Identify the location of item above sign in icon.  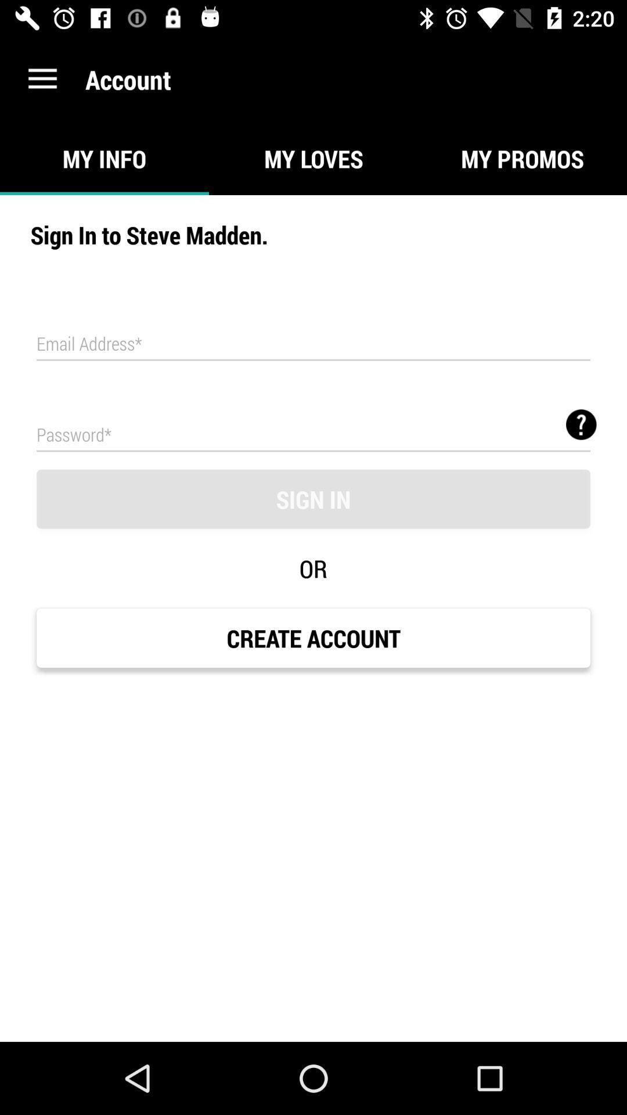
(581, 424).